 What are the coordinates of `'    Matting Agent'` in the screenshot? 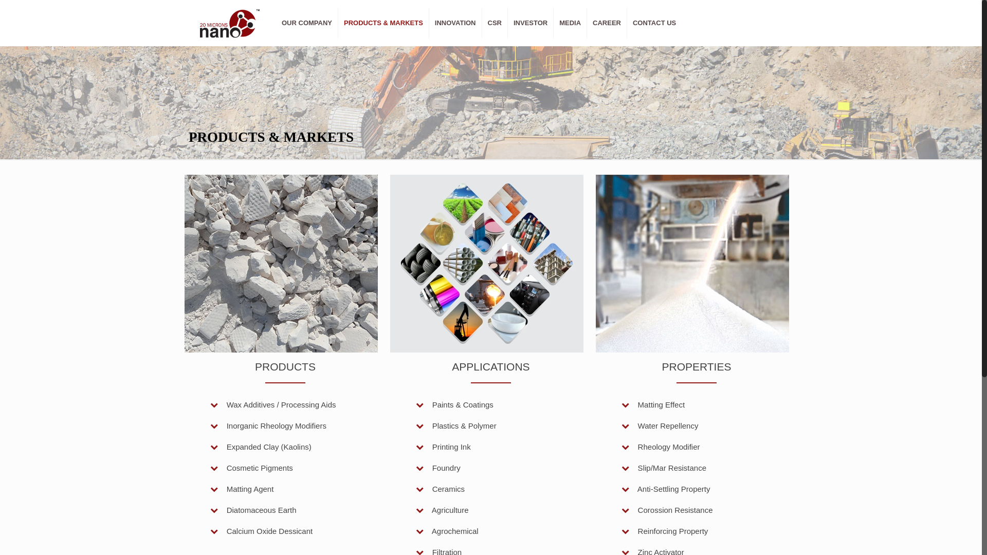 It's located at (209, 488).